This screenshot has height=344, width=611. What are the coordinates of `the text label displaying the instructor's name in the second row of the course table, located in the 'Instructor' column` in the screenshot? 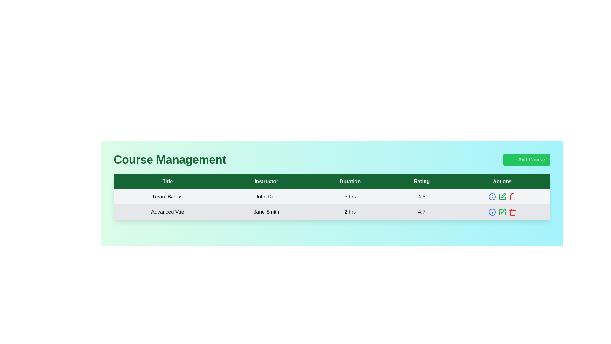 It's located at (266, 212).